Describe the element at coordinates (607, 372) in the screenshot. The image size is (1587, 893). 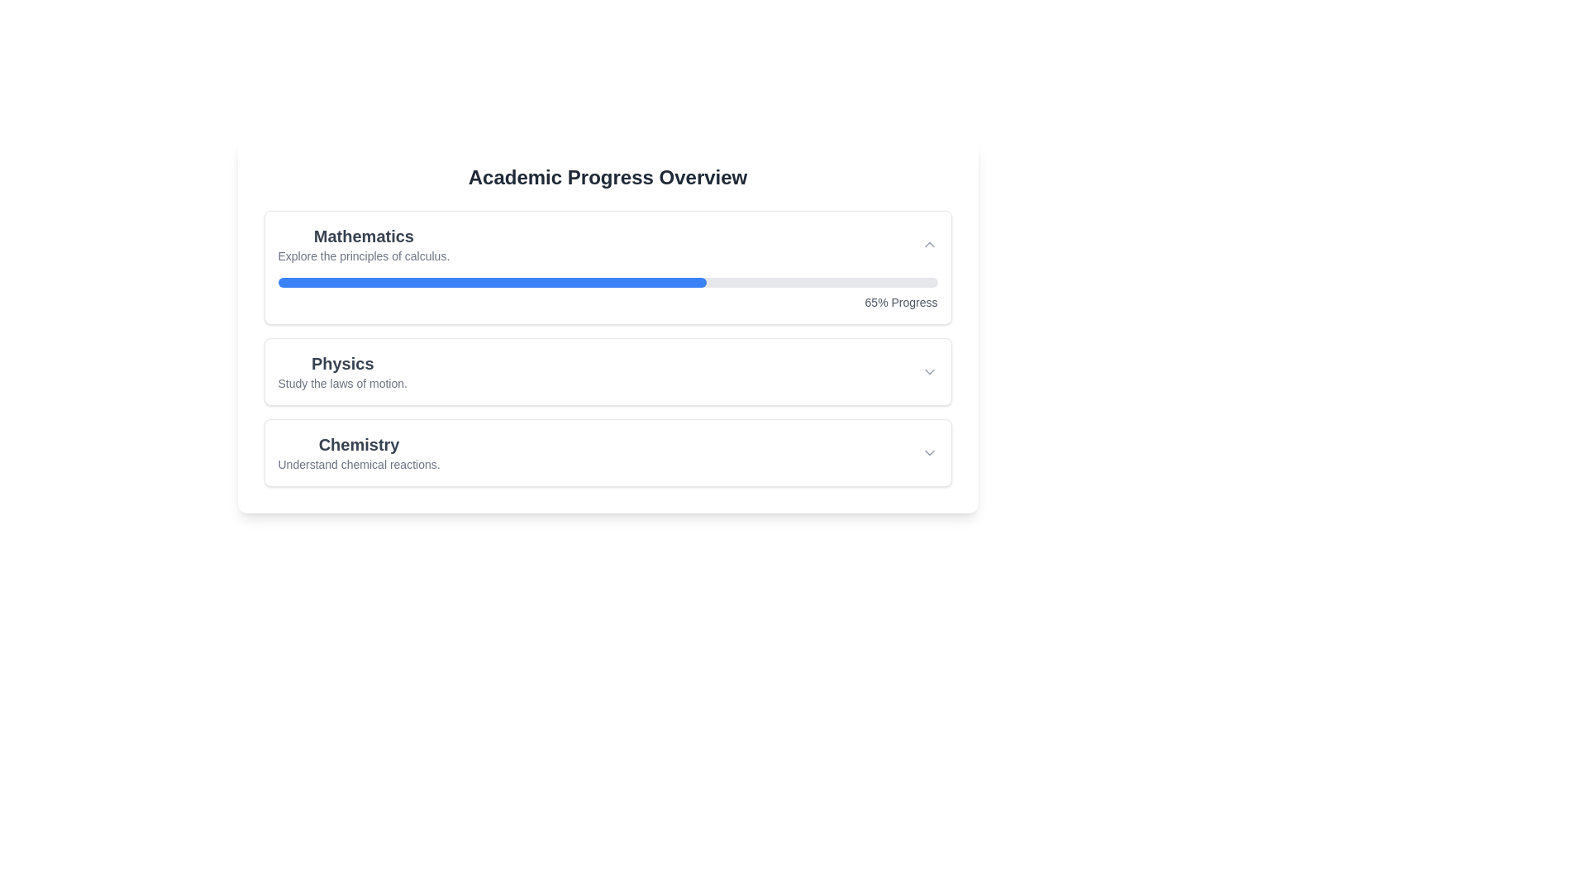
I see `the second list item representing the 'Physics' topic` at that location.